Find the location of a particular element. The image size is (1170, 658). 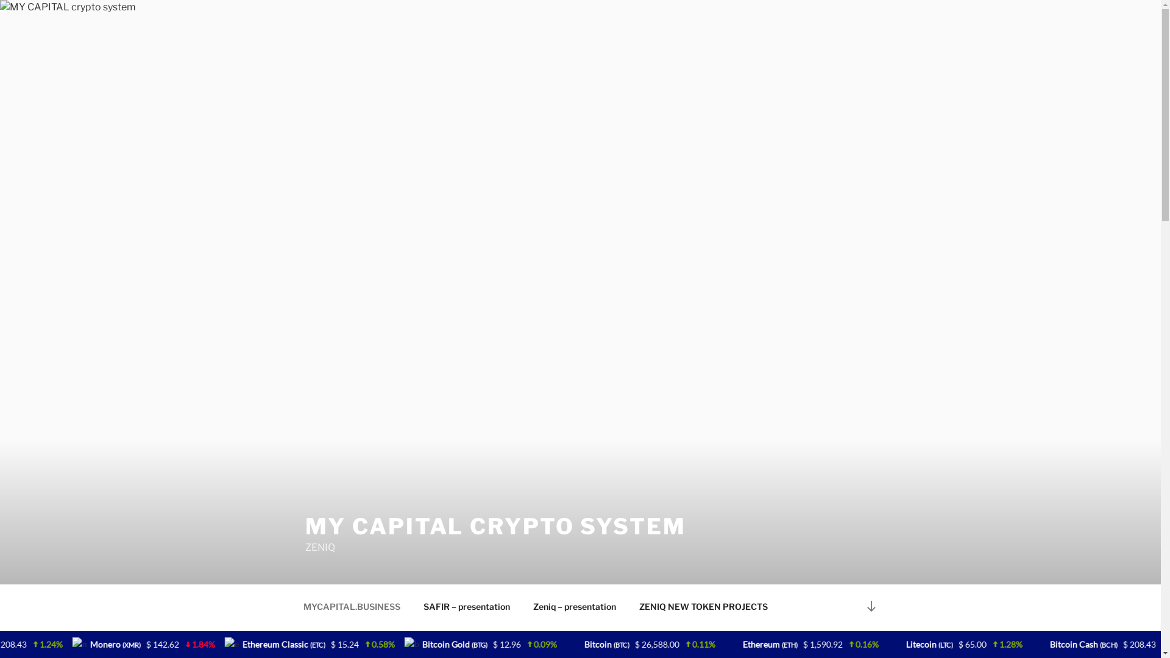

'Scroll down to content' is located at coordinates (870, 606).